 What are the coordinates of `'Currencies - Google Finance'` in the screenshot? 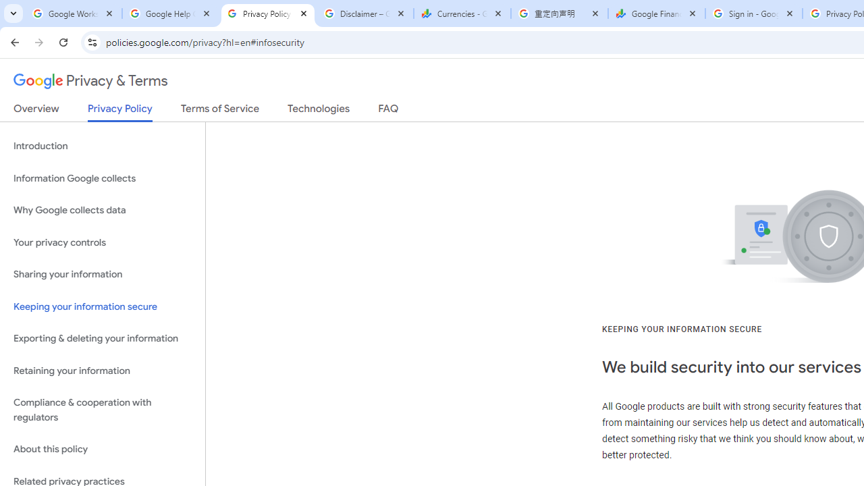 It's located at (462, 13).